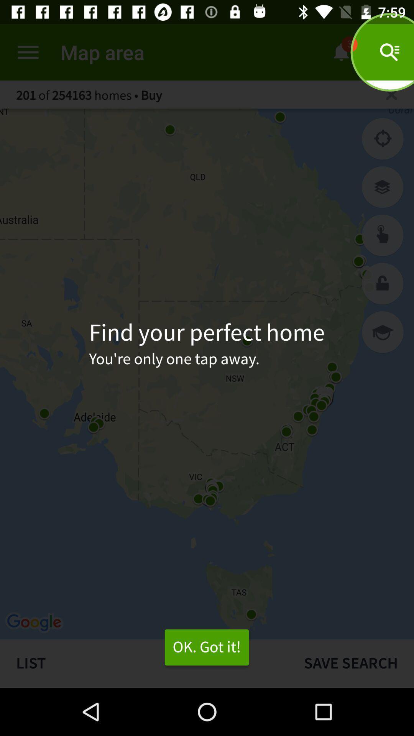 The width and height of the screenshot is (414, 736). Describe the element at coordinates (144, 663) in the screenshot. I see `the item next to the save search item` at that location.